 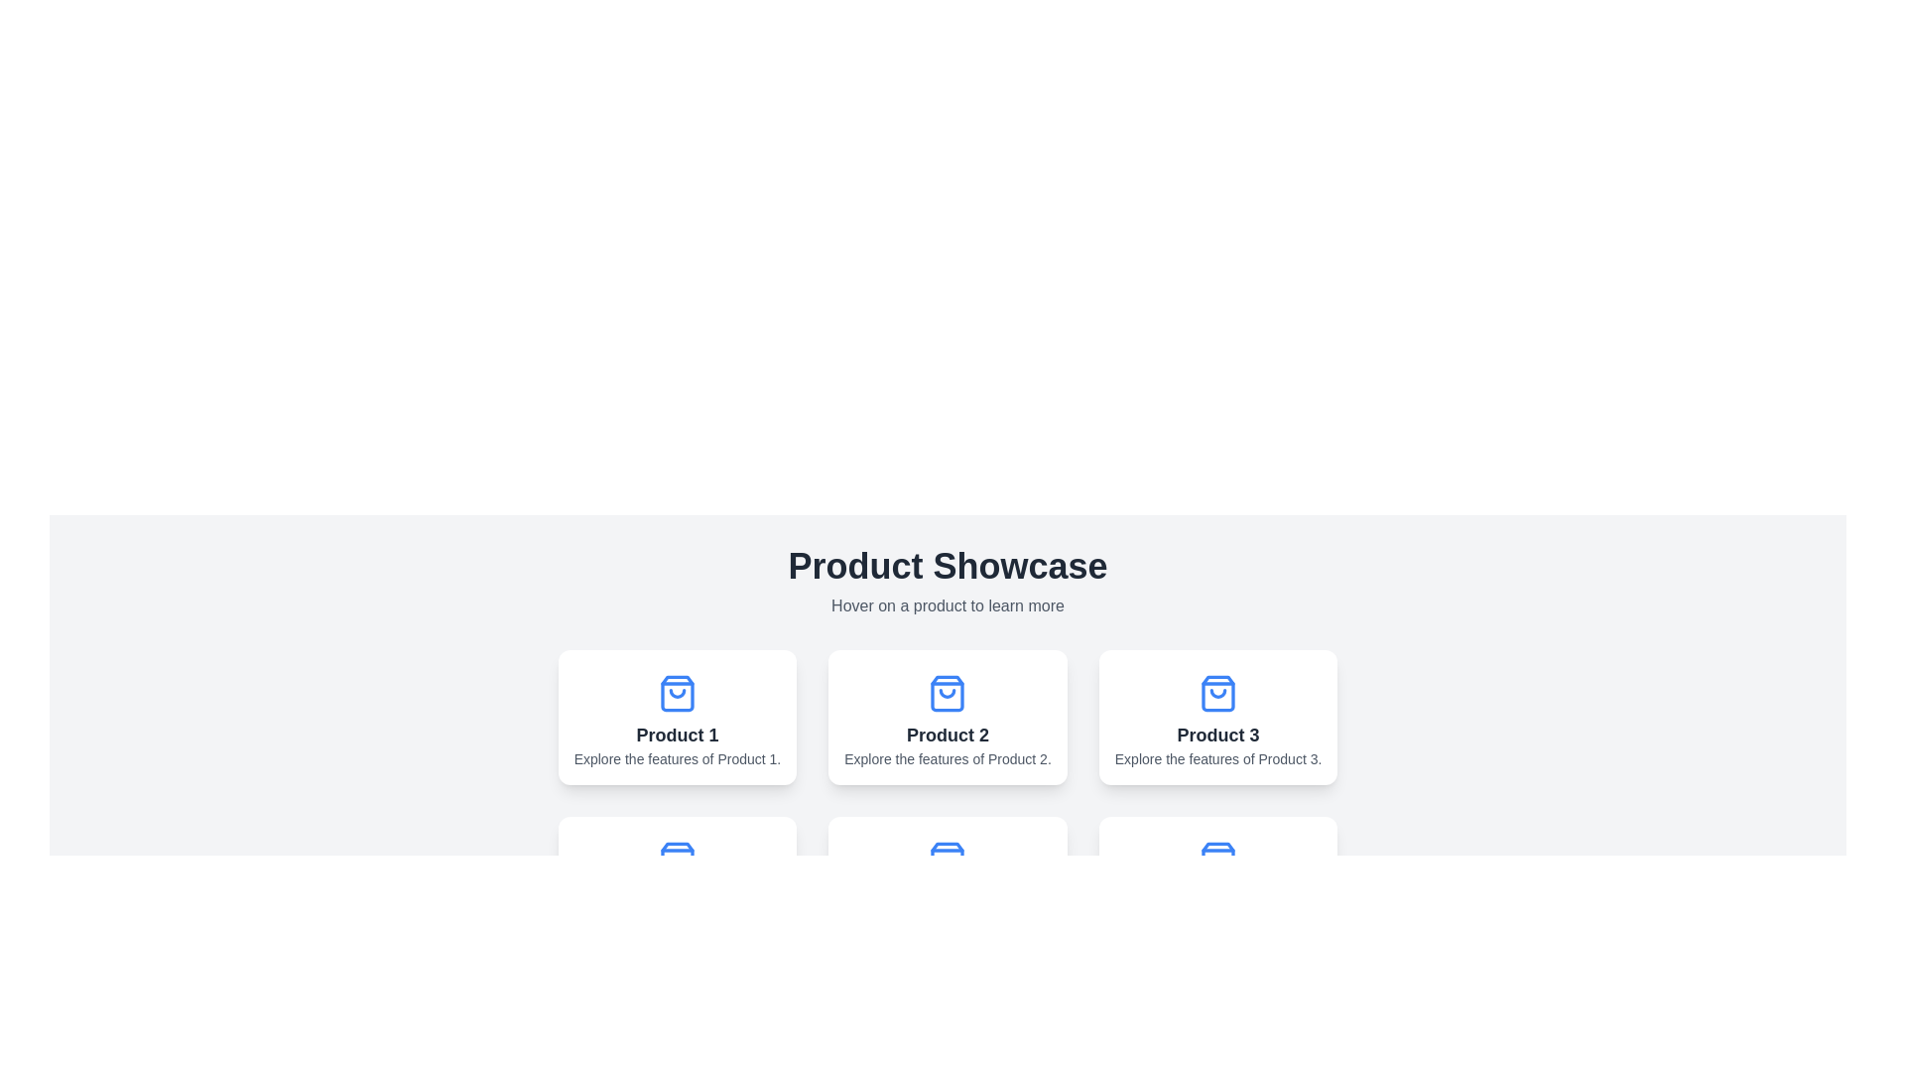 What do you see at coordinates (677, 692) in the screenshot?
I see `the shopping bag icon representing 'Product 1' located in the first position of the top row of the grid` at bounding box center [677, 692].